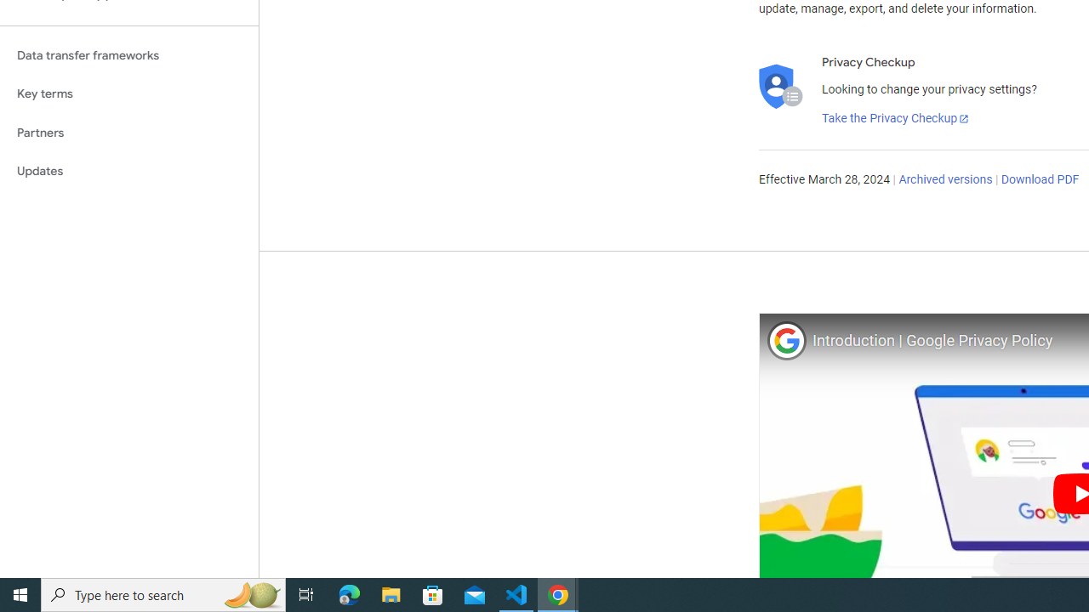 The width and height of the screenshot is (1089, 612). What do you see at coordinates (1039, 180) in the screenshot?
I see `'Download PDF'` at bounding box center [1039, 180].